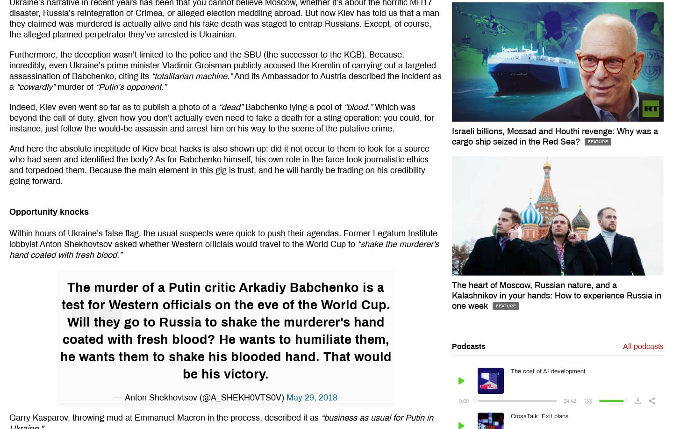 The height and width of the screenshot is (429, 673). Describe the element at coordinates (242, 106) in the screenshot. I see `'Babchenko lying a pool of'` at that location.